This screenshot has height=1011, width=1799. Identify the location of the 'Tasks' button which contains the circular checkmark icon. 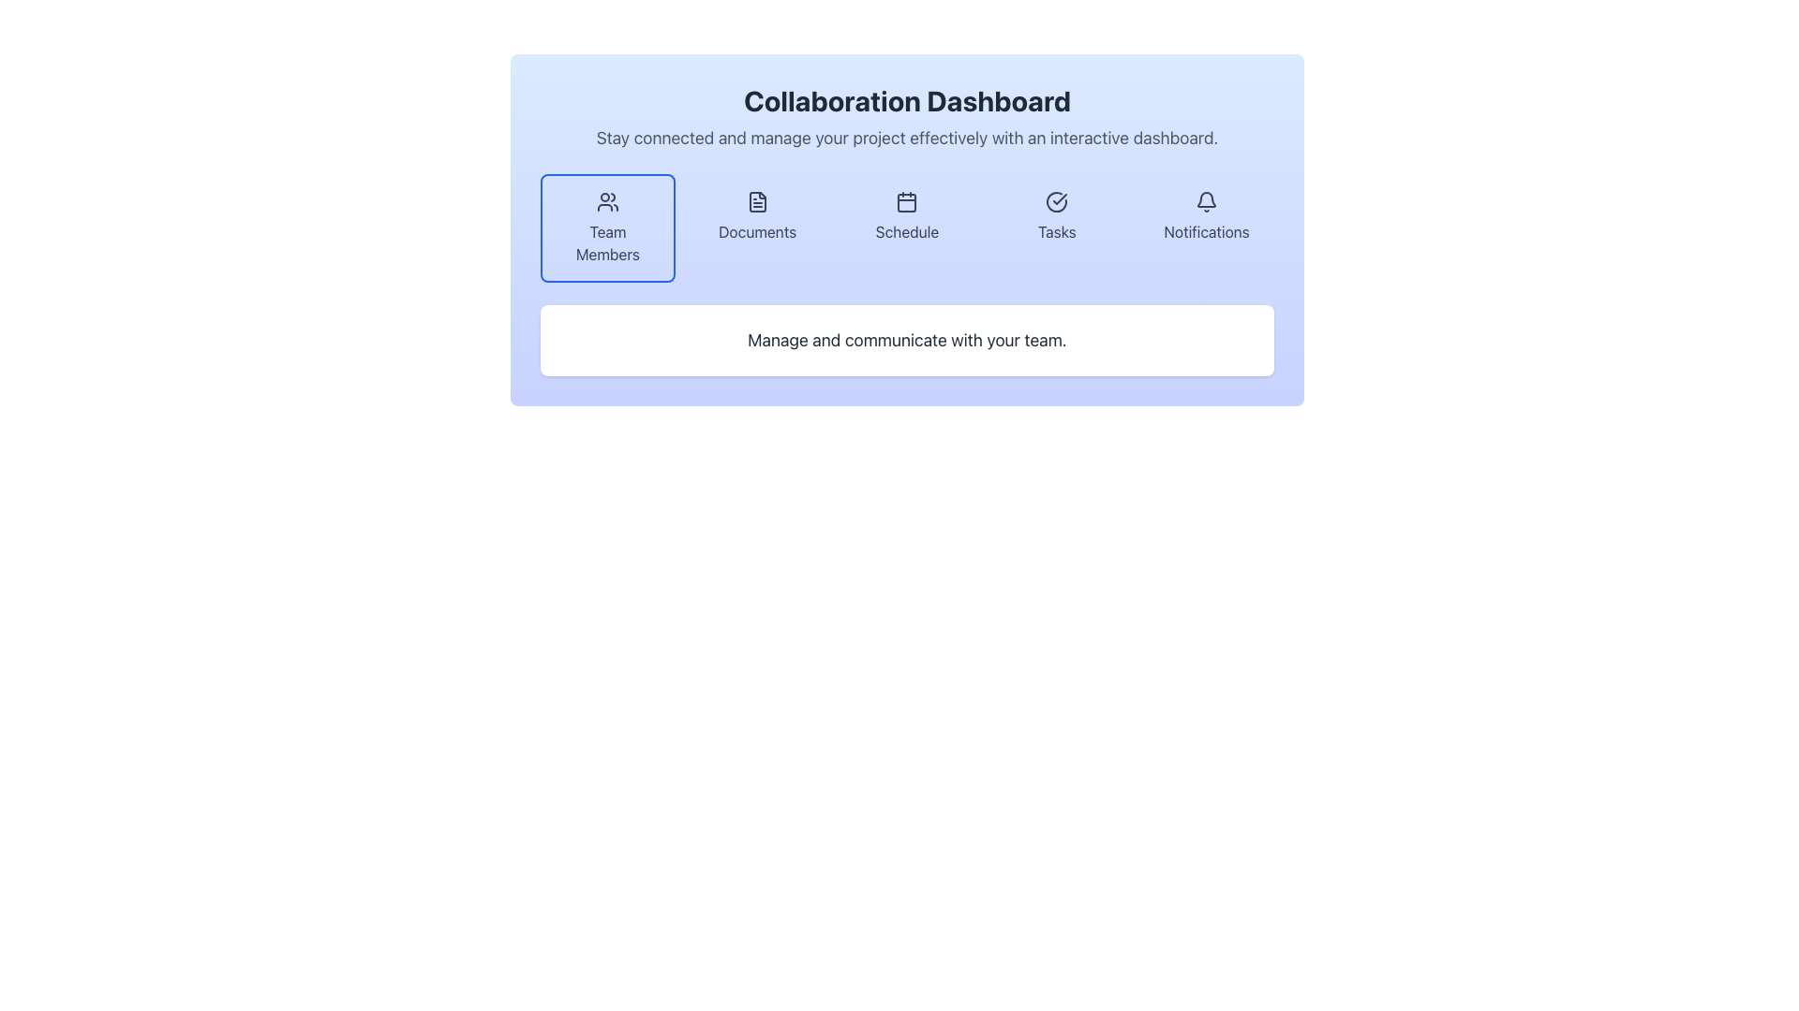
(1057, 202).